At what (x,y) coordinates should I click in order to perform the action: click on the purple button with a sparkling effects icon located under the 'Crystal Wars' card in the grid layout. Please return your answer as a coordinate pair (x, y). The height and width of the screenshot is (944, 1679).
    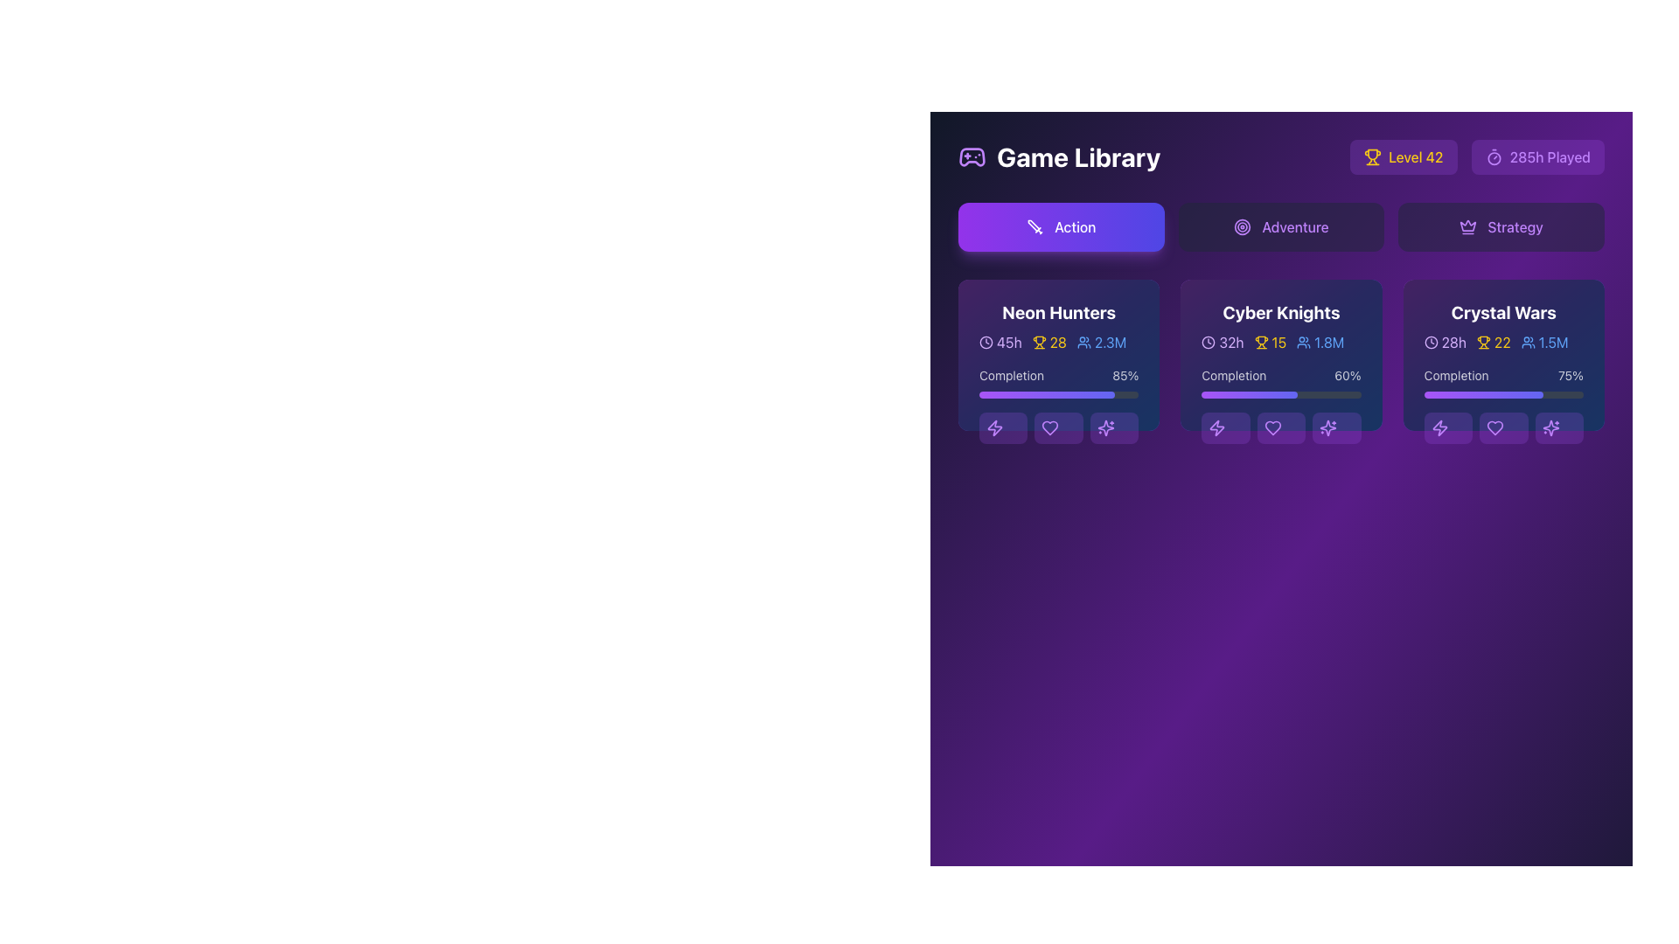
    Looking at the image, I should click on (1559, 427).